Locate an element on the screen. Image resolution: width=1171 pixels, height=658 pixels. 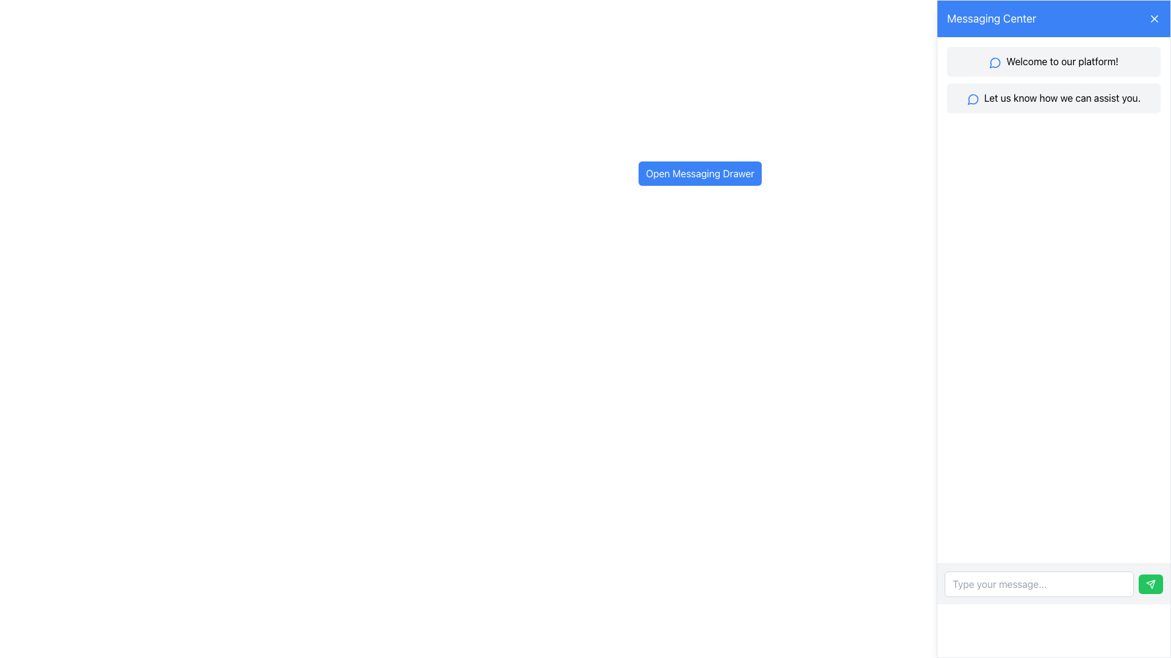
the 'Messaging Center' text label, which is styled in bold white font against a blue background at the top of the right panel is located at coordinates (992, 18).